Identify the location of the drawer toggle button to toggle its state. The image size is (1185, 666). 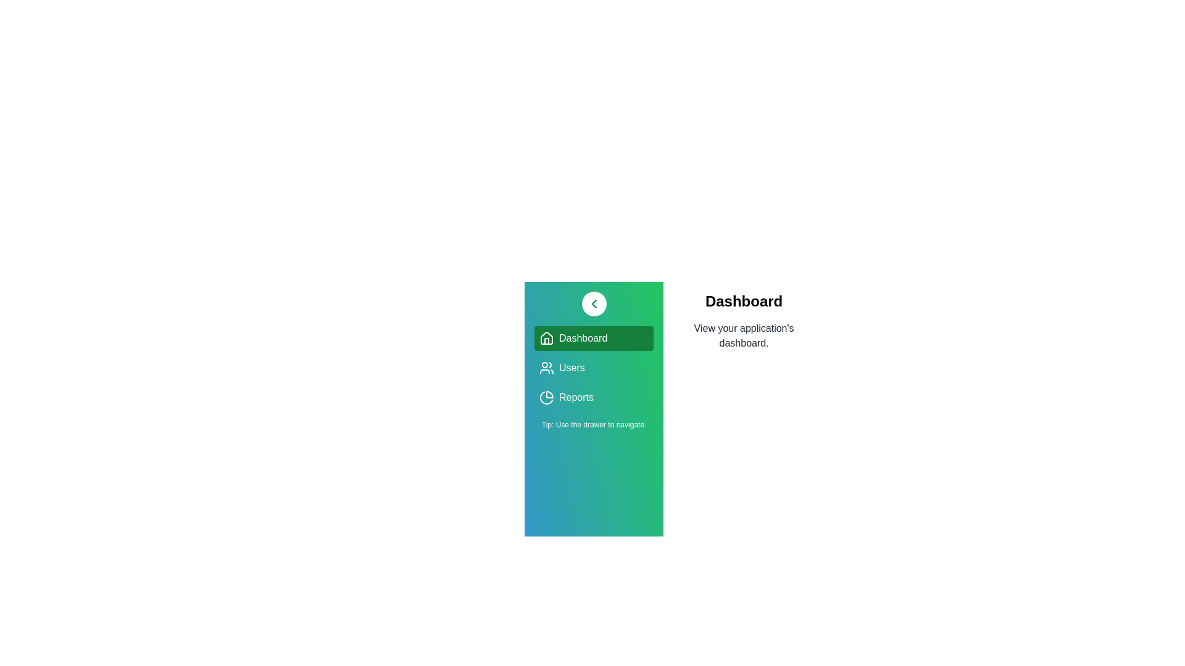
(593, 304).